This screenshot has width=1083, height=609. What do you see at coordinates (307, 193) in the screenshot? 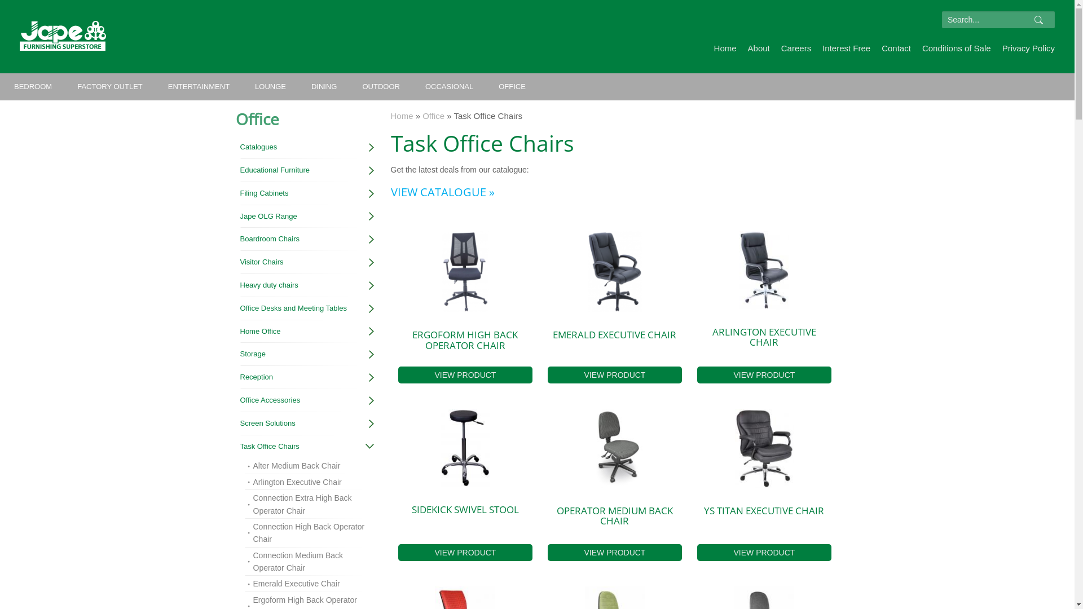
I see `'Filing Cabinets'` at bounding box center [307, 193].